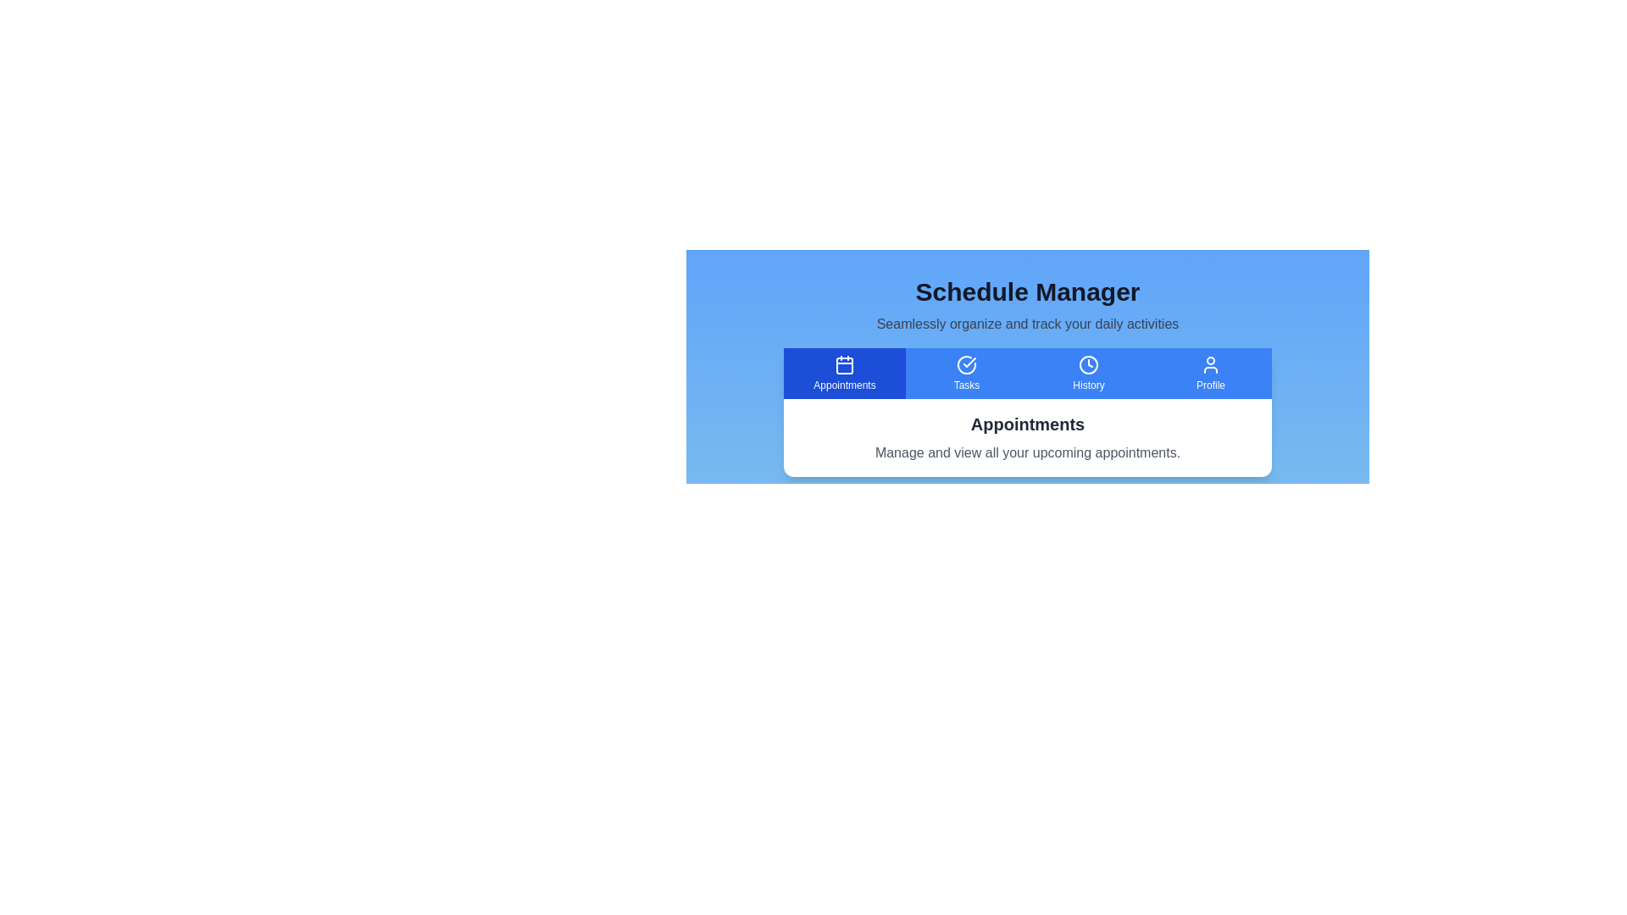 Image resolution: width=1627 pixels, height=915 pixels. I want to click on the Profile navigation button, which is the fourth button in the 'Schedule Manager' section, to trigger a visual effect indicating interactivity, so click(1210, 372).